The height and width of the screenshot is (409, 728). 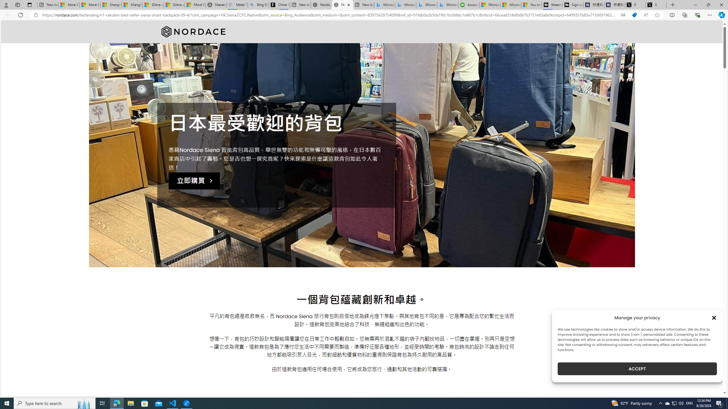 I want to click on 'Streaming Coverage | T3', so click(x=552, y=5).